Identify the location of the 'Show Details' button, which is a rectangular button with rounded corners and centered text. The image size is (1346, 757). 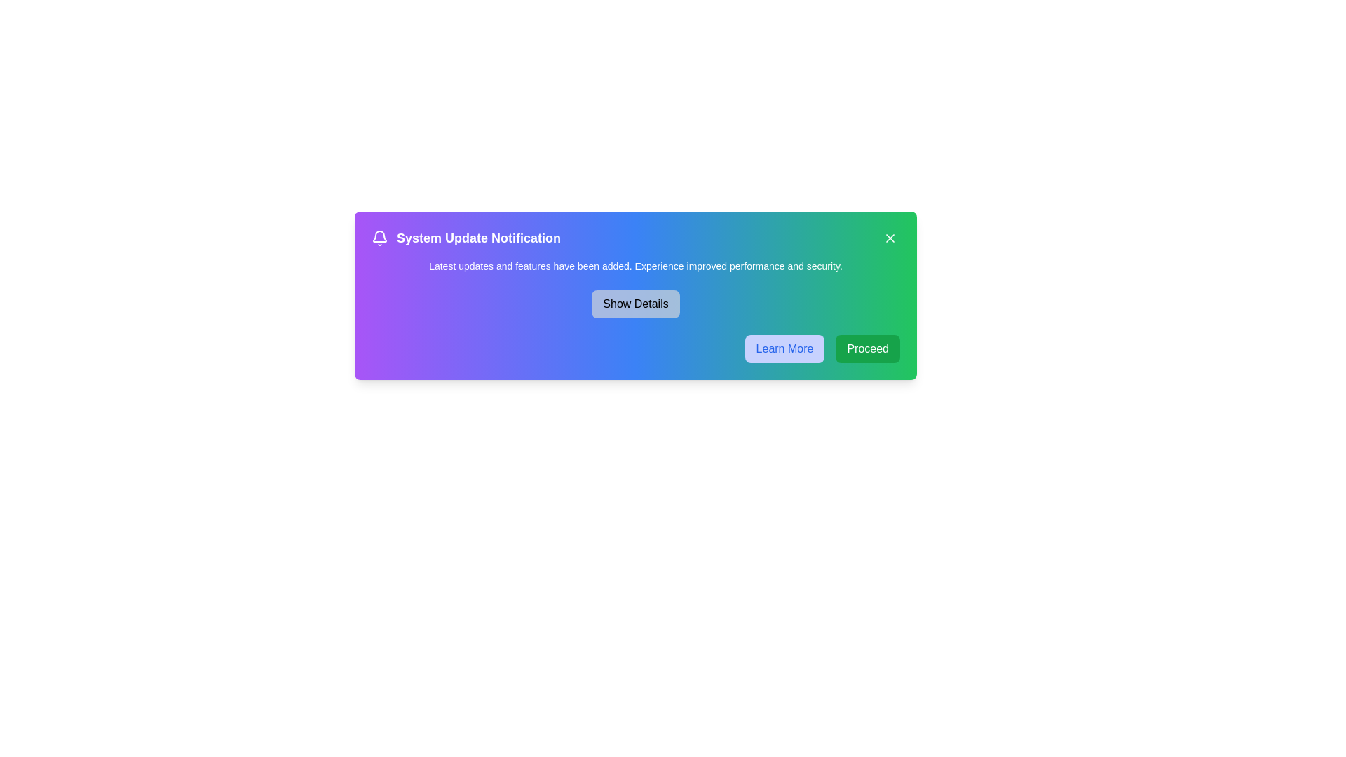
(635, 304).